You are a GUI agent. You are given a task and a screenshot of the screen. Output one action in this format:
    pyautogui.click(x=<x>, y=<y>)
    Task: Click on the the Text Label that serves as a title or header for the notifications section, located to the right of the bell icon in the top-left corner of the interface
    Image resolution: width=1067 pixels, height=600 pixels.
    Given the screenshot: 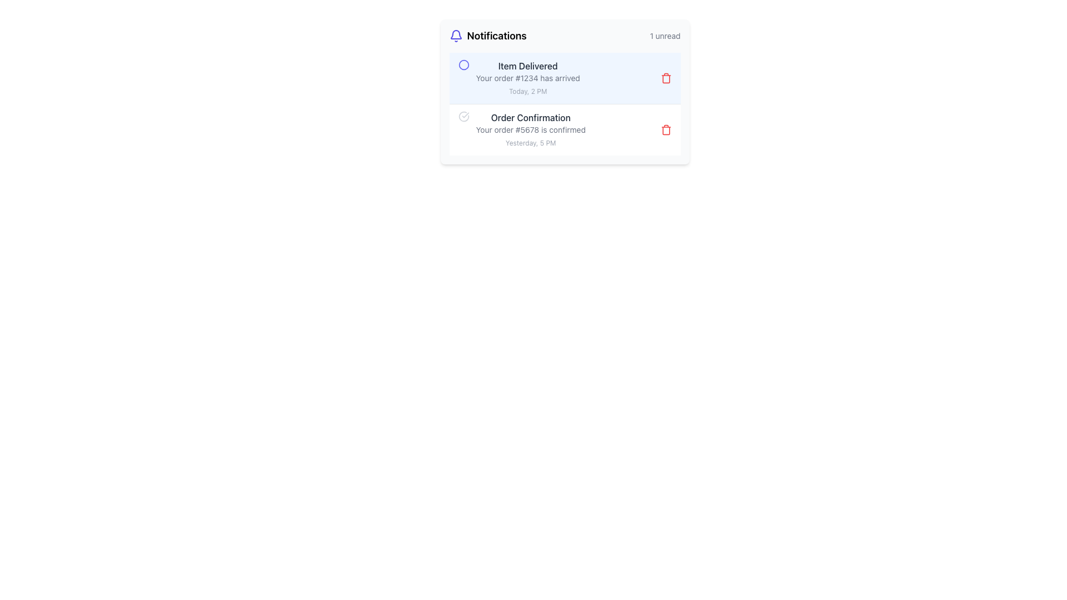 What is the action you would take?
    pyautogui.click(x=496, y=36)
    